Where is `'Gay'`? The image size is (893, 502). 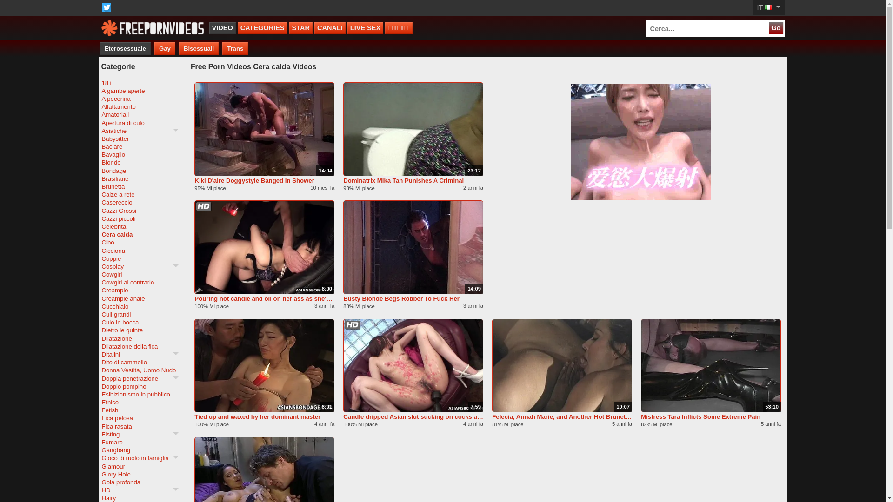 'Gay' is located at coordinates (165, 48).